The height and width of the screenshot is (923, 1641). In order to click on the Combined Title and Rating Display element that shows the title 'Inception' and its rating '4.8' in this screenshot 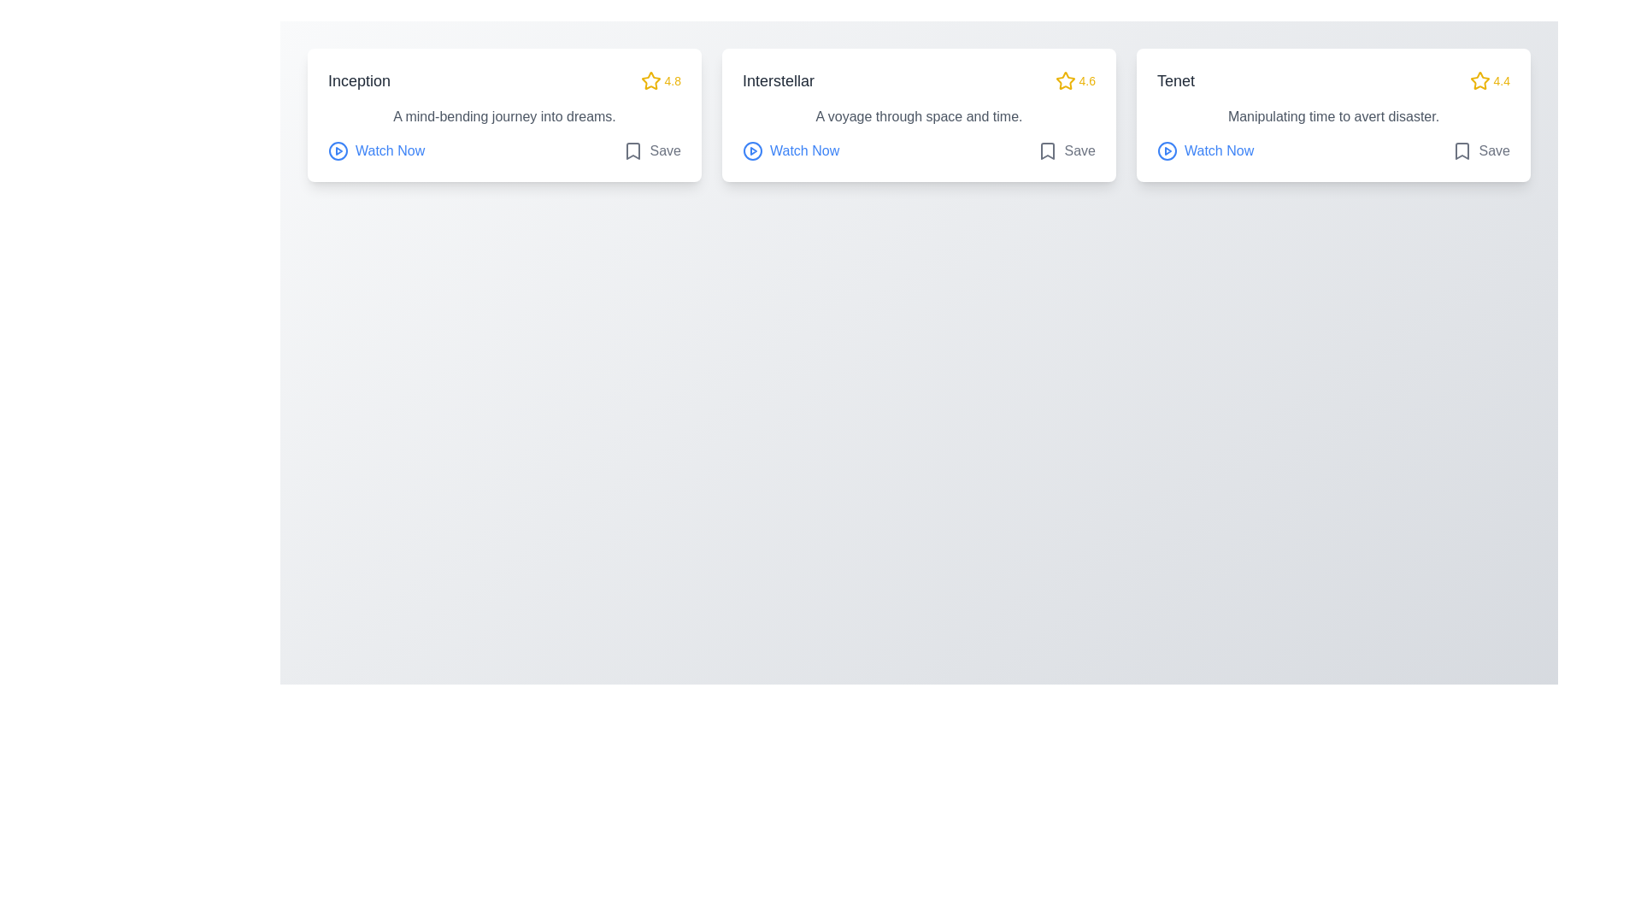, I will do `click(503, 81)`.